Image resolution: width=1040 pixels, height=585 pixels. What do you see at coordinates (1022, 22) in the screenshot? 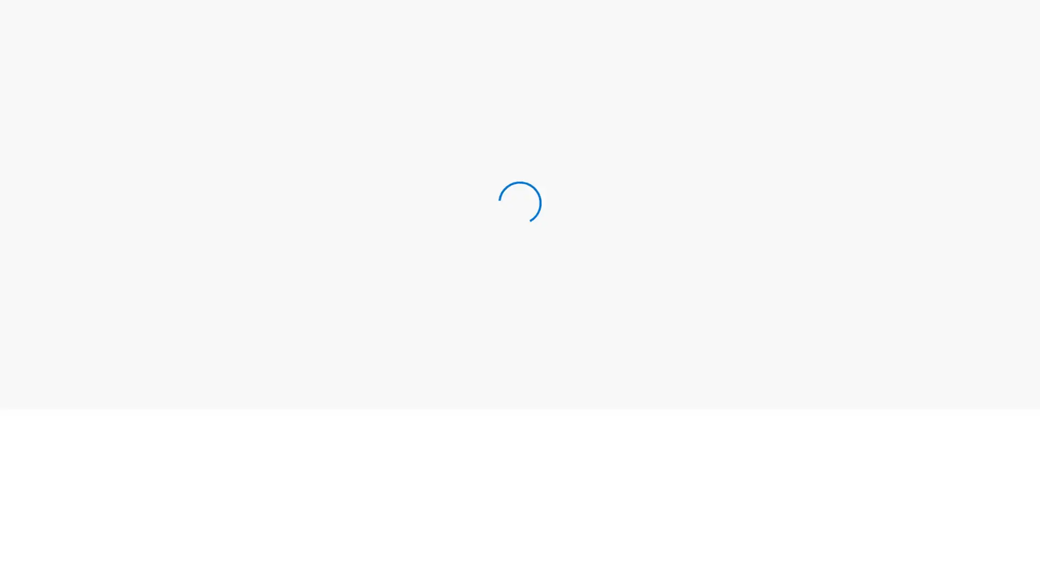
I see `Search` at bounding box center [1022, 22].